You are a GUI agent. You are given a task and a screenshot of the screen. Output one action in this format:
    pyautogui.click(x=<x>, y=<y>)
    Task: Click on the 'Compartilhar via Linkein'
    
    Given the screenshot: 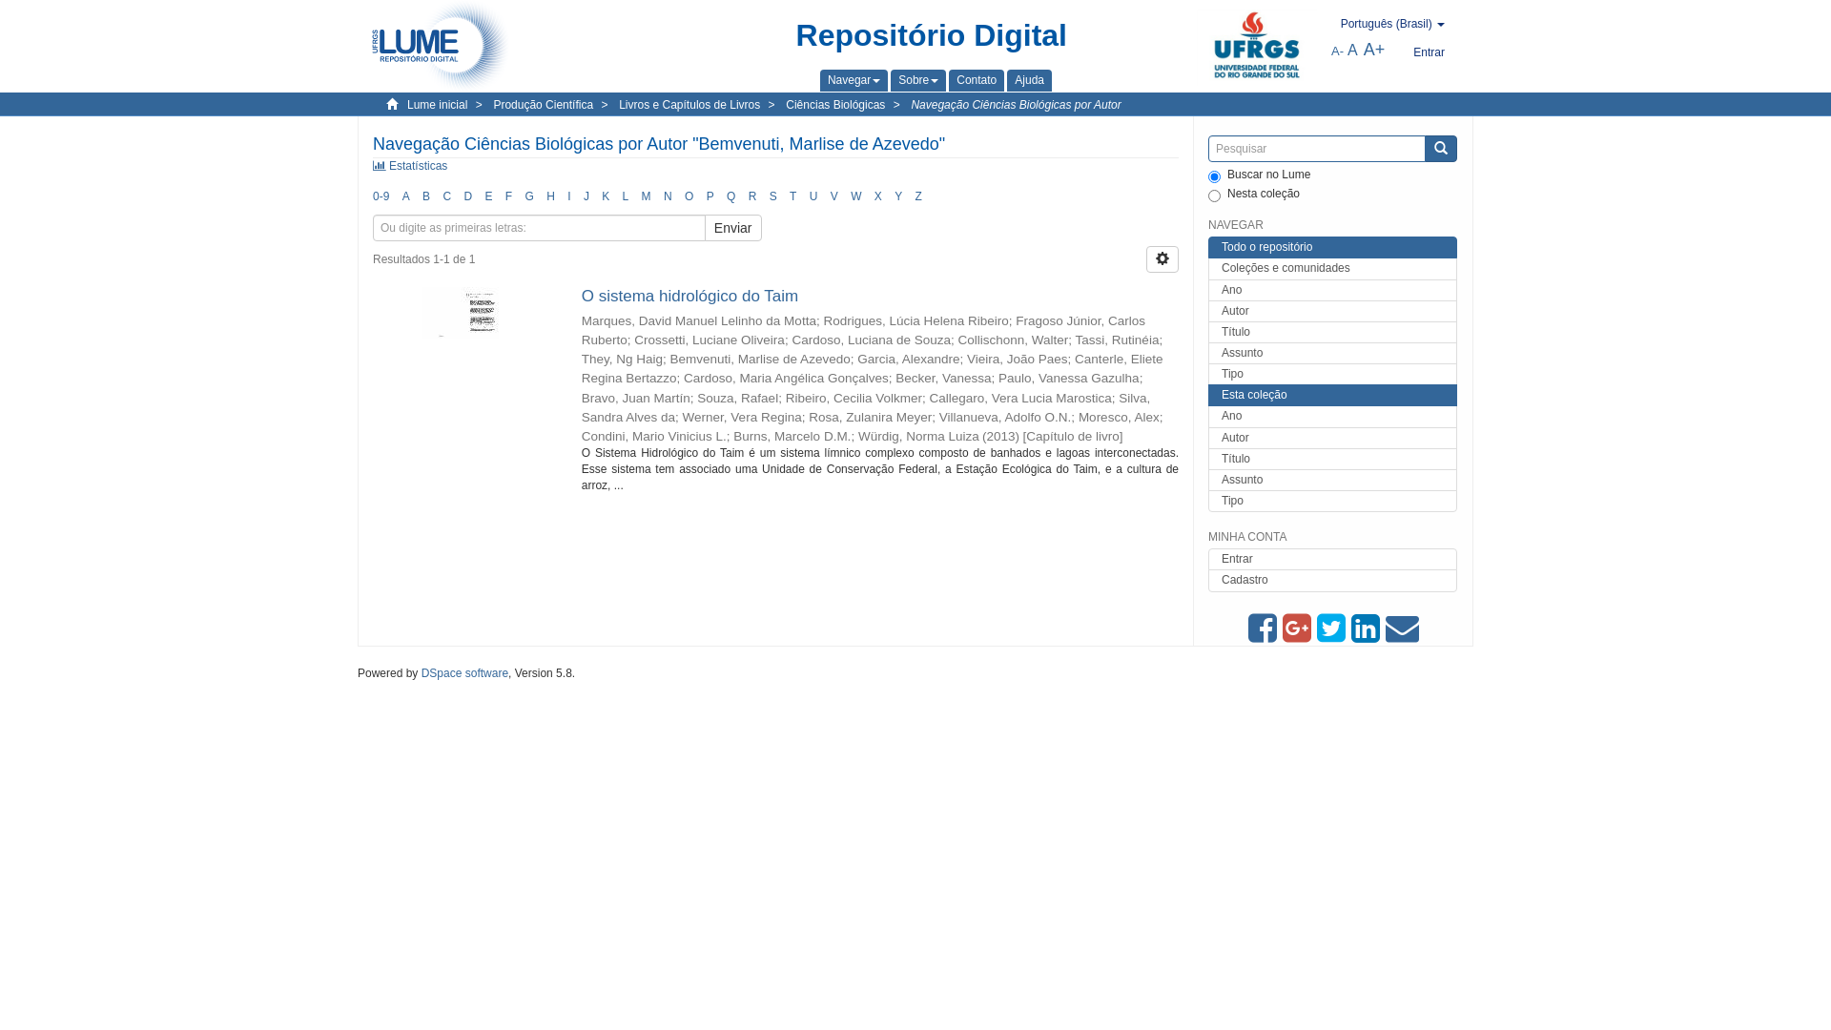 What is the action you would take?
    pyautogui.click(x=1349, y=628)
    